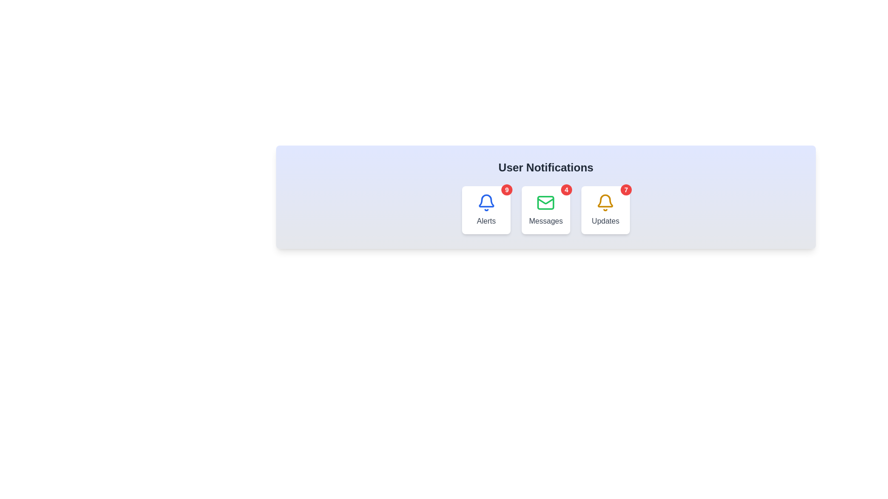 Image resolution: width=888 pixels, height=499 pixels. I want to click on the small red circular Notification Badge displaying the number '4', located at the top-right corner of the 'Messages' card, so click(566, 189).